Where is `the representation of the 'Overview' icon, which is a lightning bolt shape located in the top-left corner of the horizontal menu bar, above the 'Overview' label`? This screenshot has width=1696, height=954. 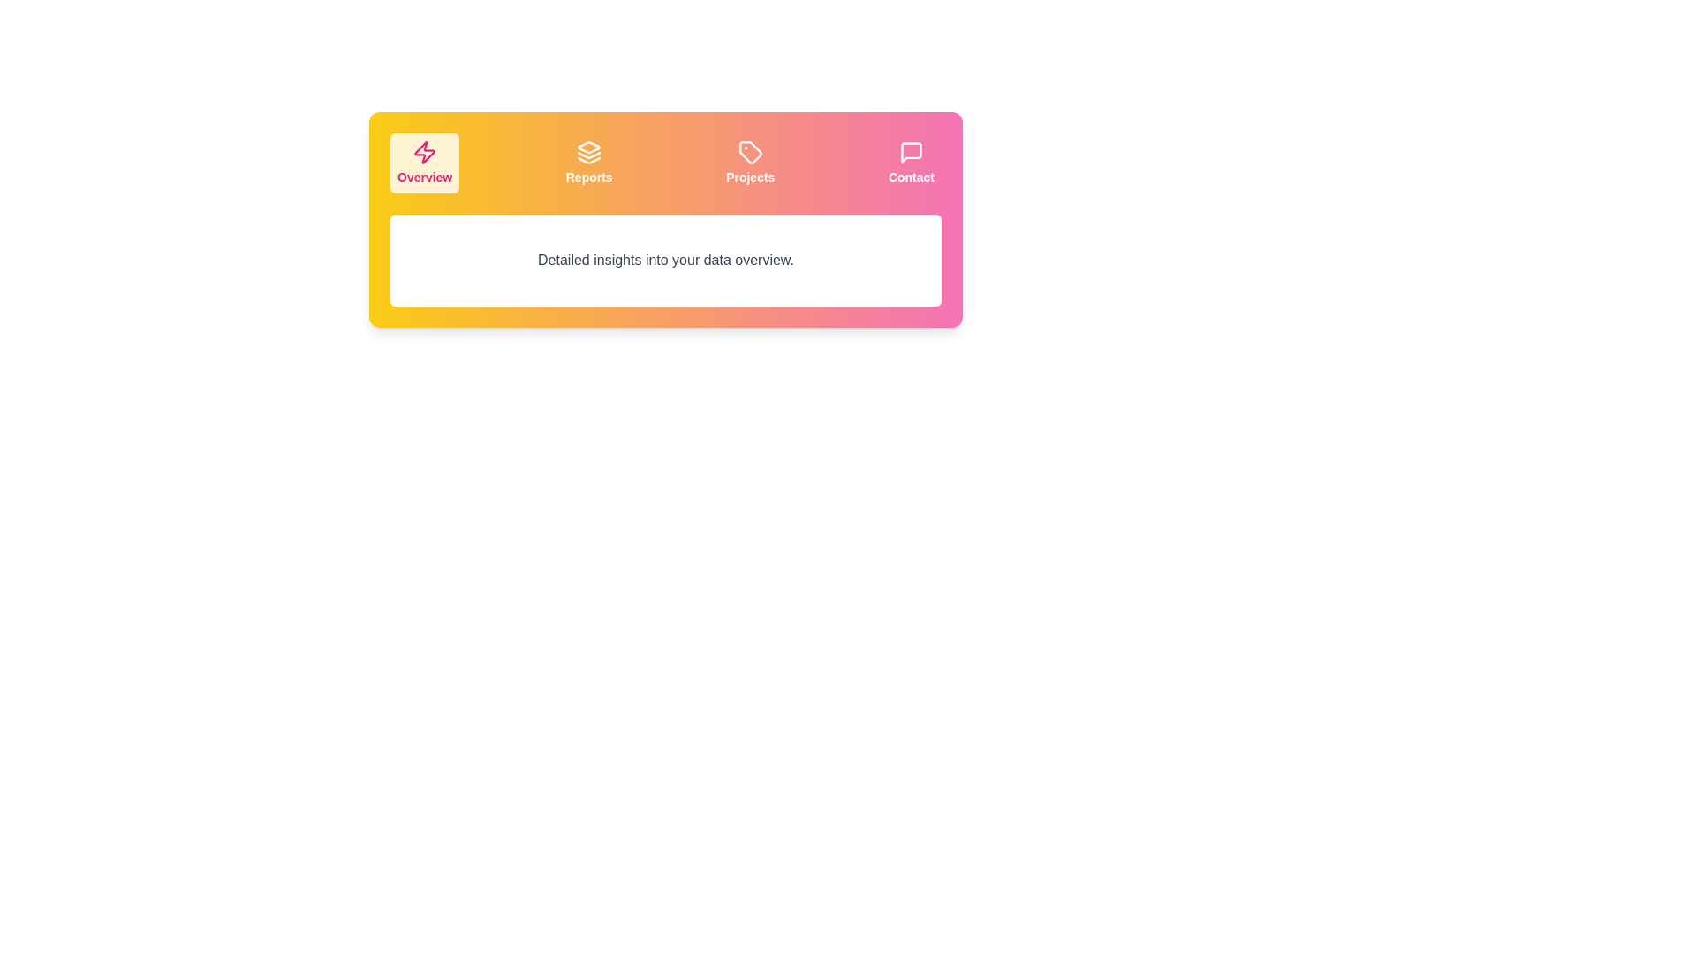 the representation of the 'Overview' icon, which is a lightning bolt shape located in the top-left corner of the horizontal menu bar, above the 'Overview' label is located at coordinates (425, 152).